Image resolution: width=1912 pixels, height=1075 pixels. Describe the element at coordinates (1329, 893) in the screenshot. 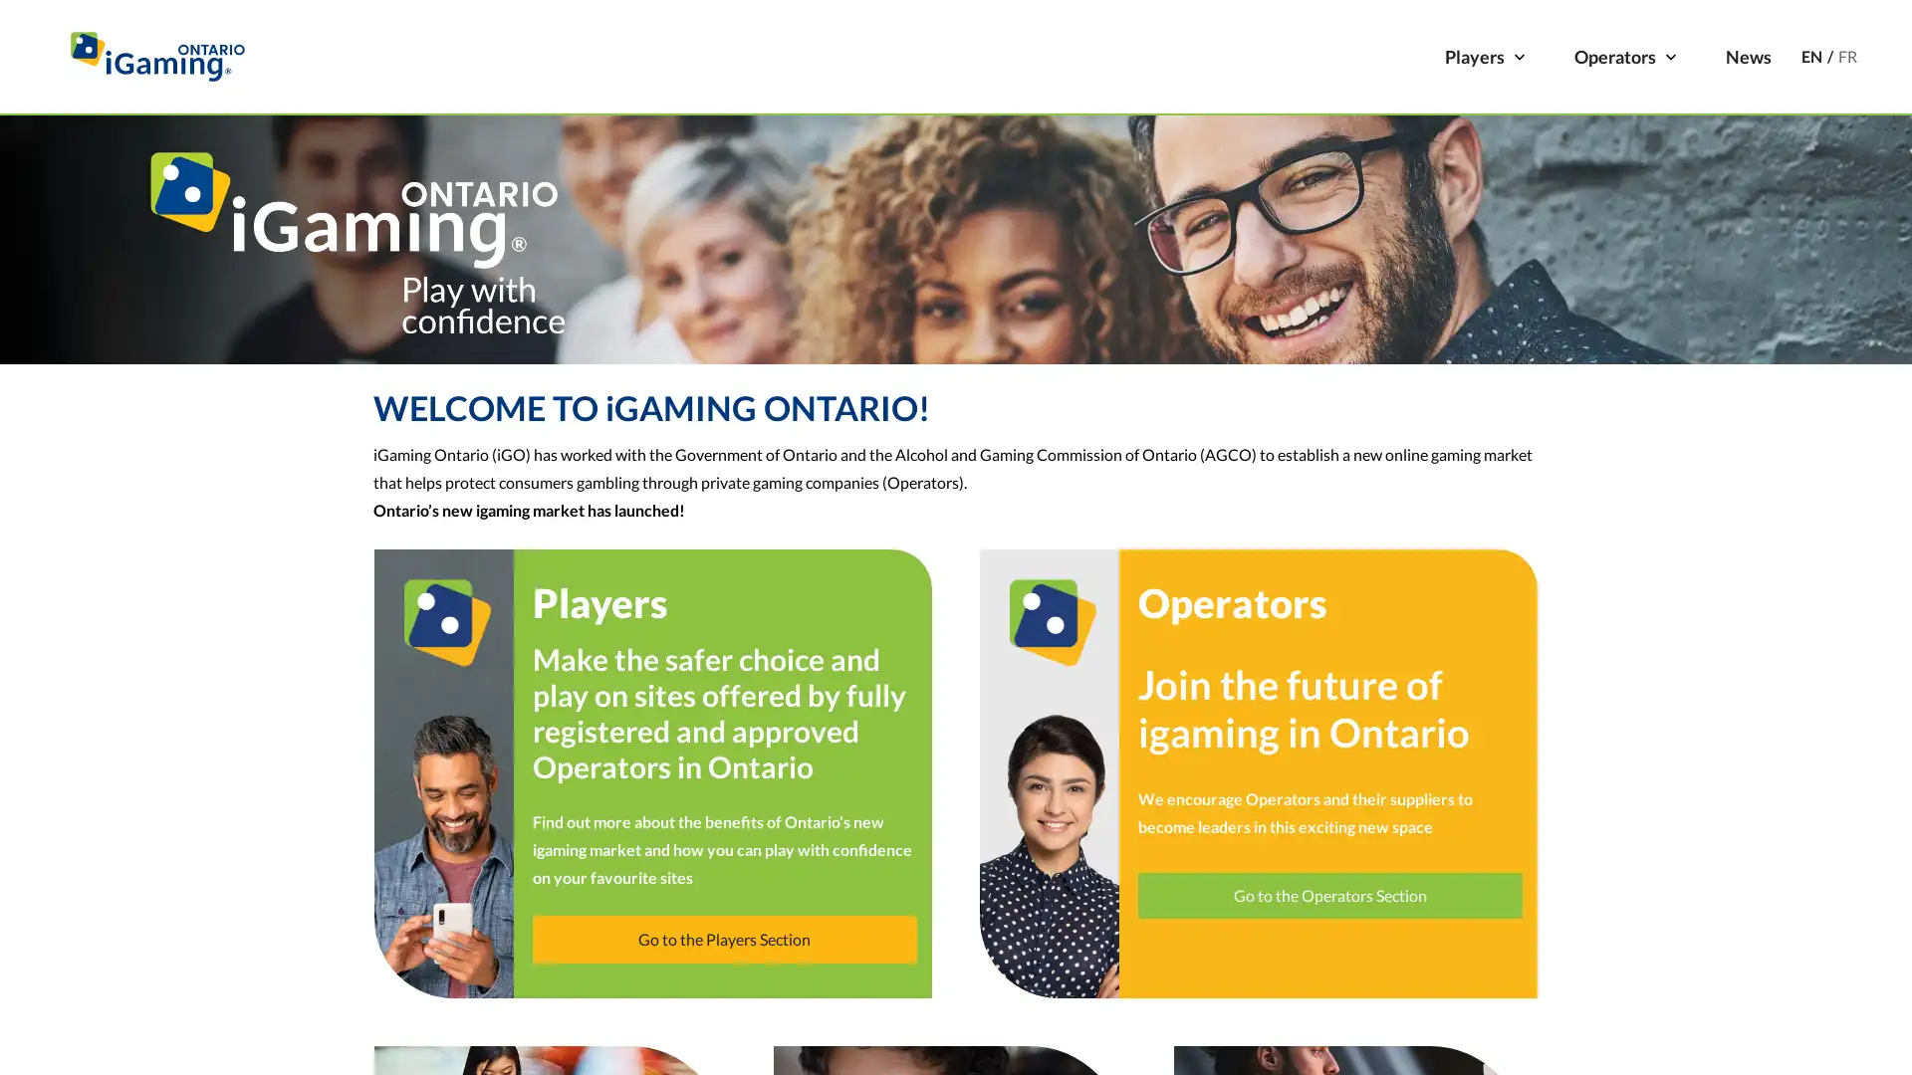

I see `Go to the Operators Section` at that location.